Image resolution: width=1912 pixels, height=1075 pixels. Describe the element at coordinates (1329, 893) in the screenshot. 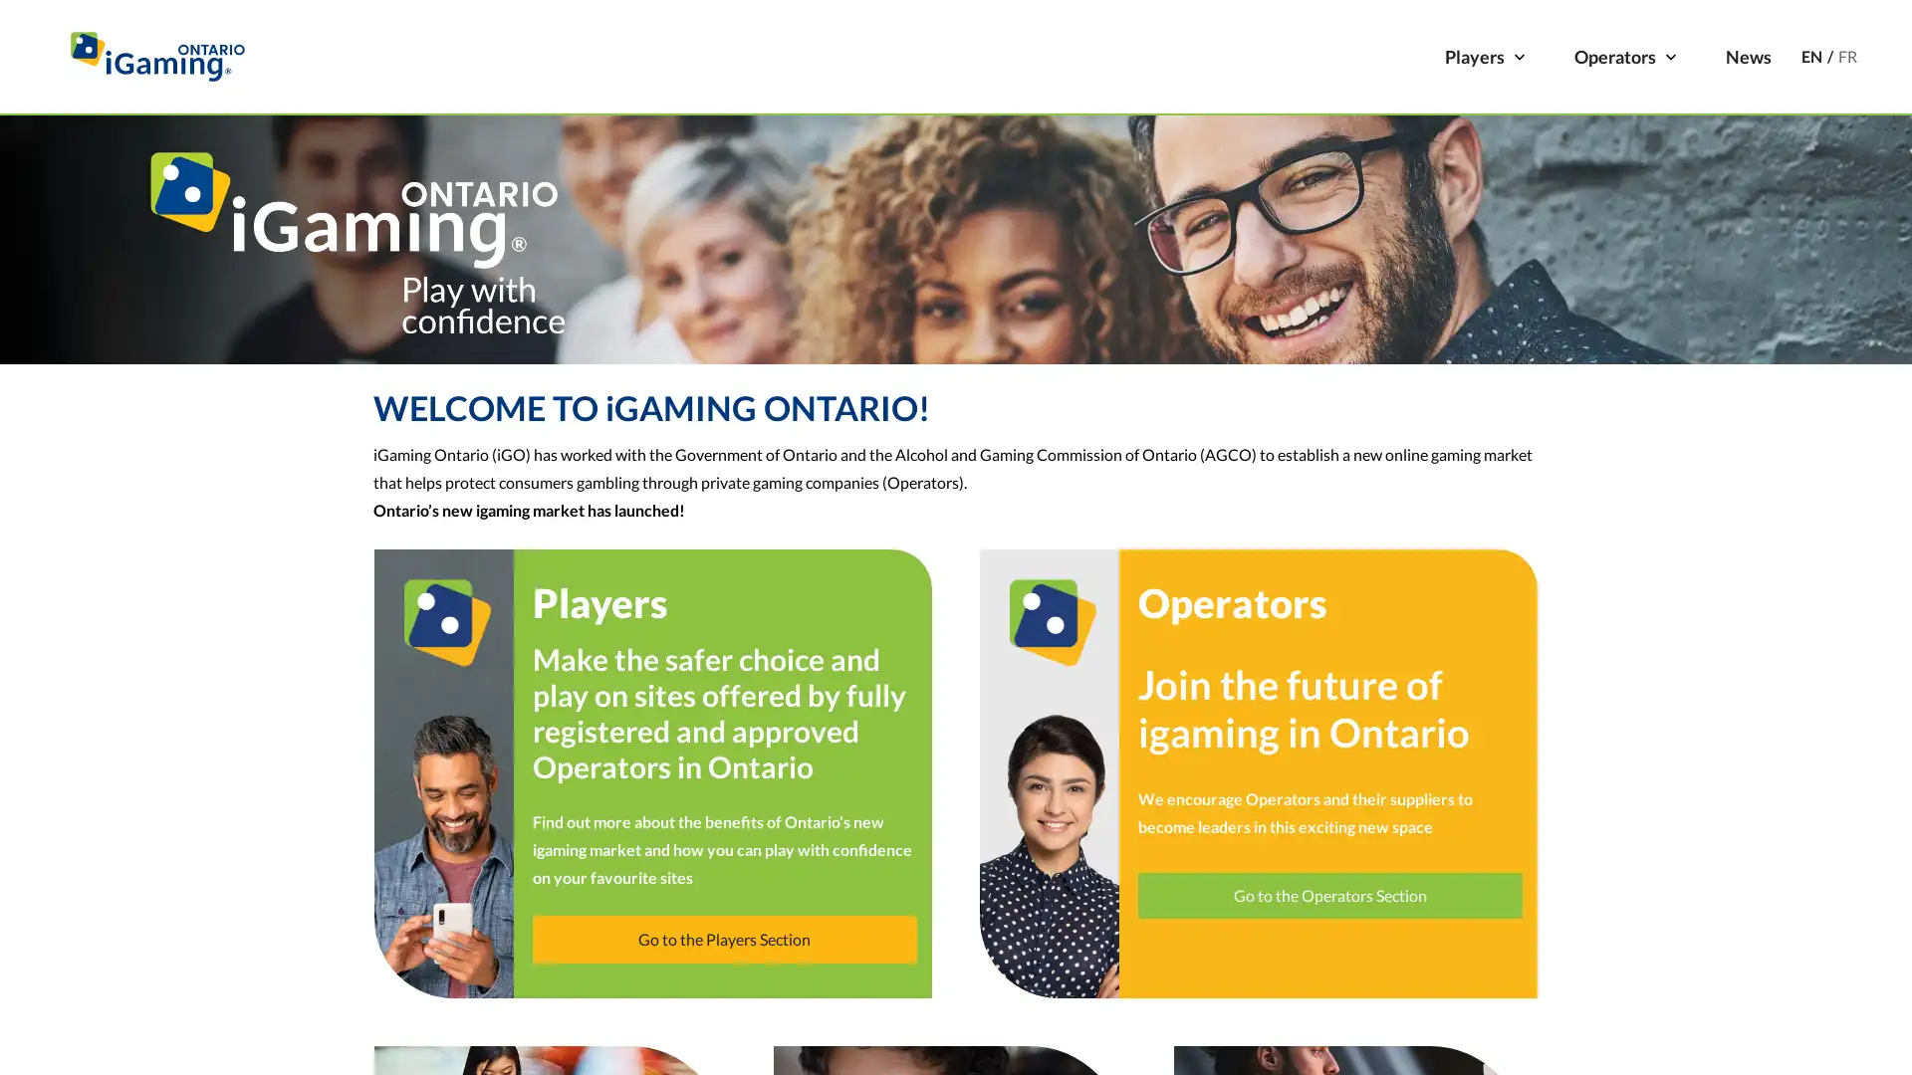

I see `Go to the Operators Section` at that location.